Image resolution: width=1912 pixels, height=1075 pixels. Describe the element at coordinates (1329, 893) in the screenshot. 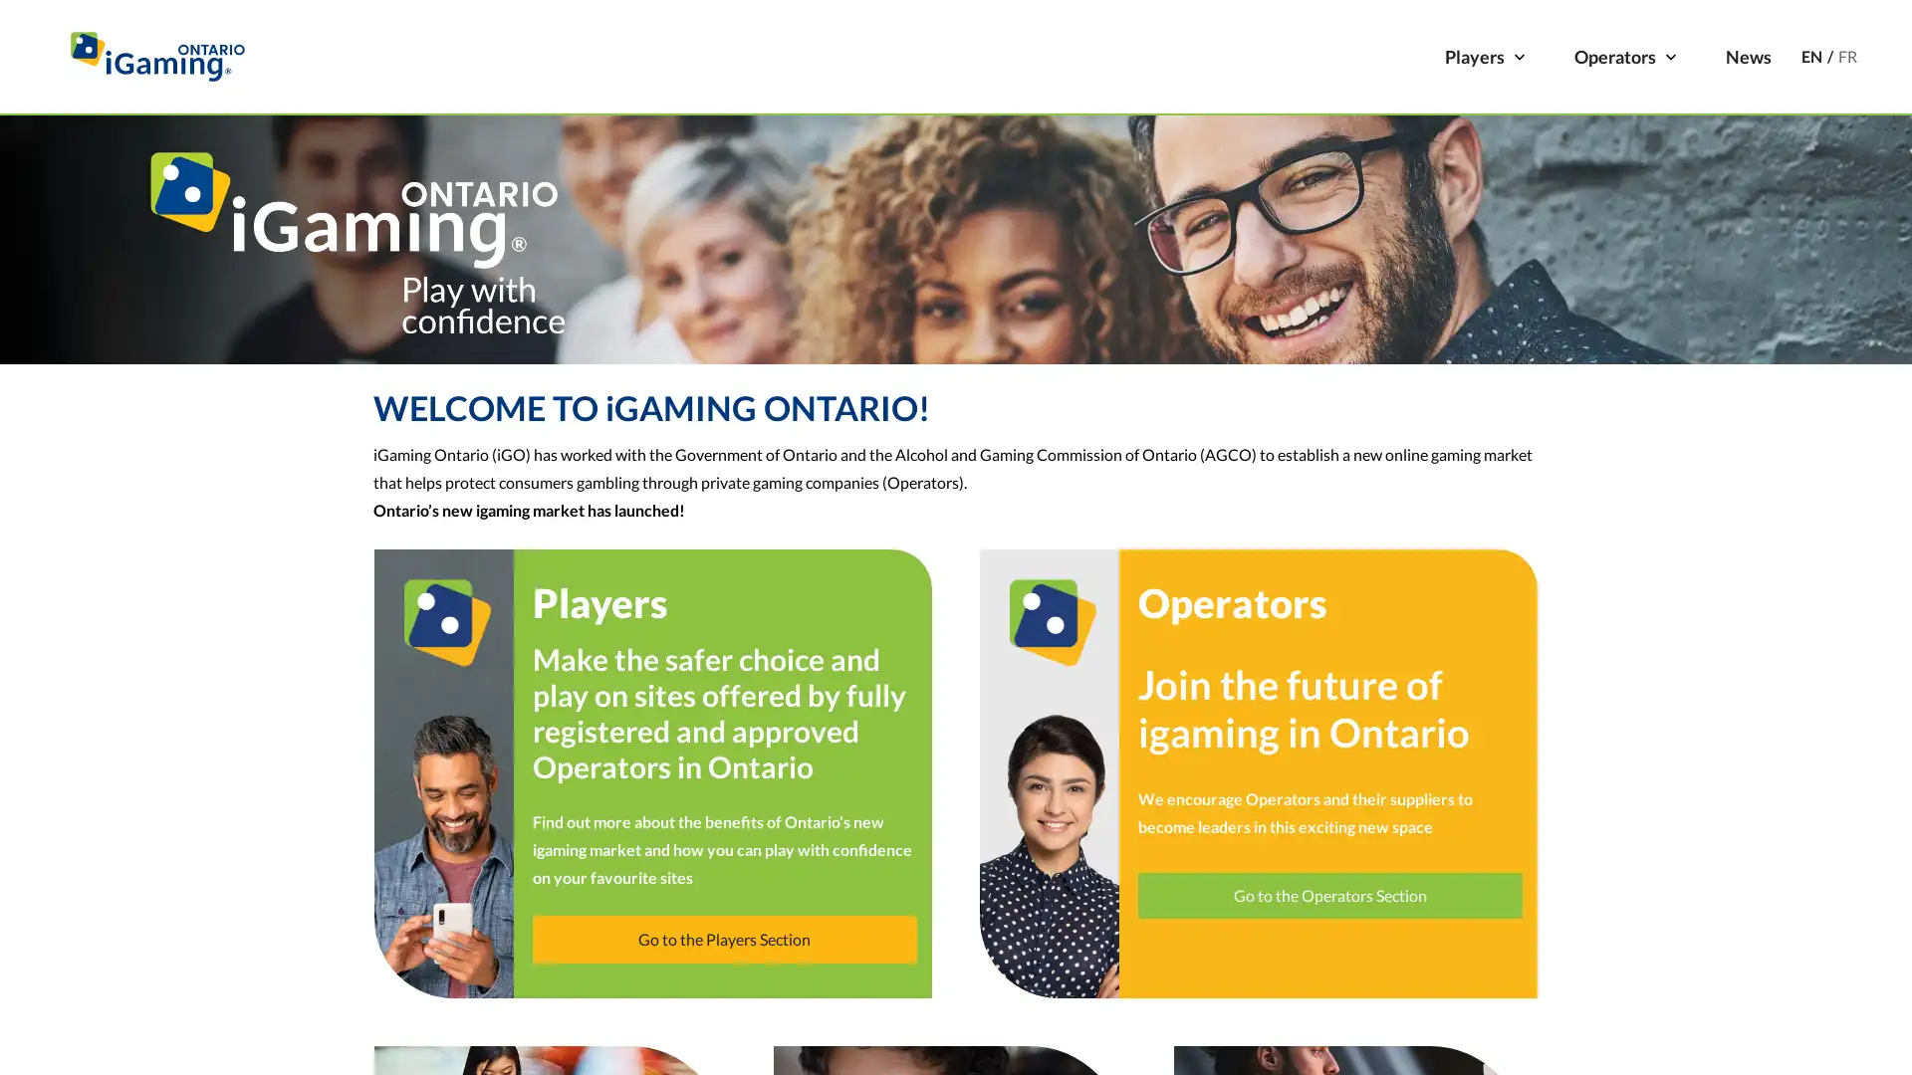

I see `Go to the Operators Section` at that location.